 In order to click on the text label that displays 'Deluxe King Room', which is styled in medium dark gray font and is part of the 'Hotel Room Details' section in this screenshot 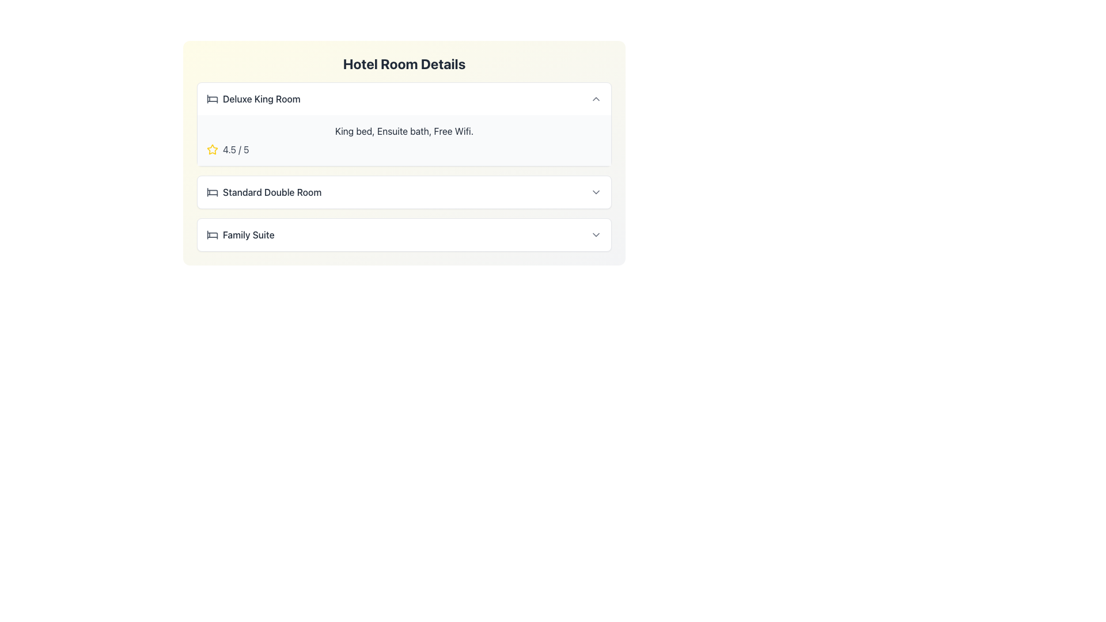, I will do `click(253, 98)`.